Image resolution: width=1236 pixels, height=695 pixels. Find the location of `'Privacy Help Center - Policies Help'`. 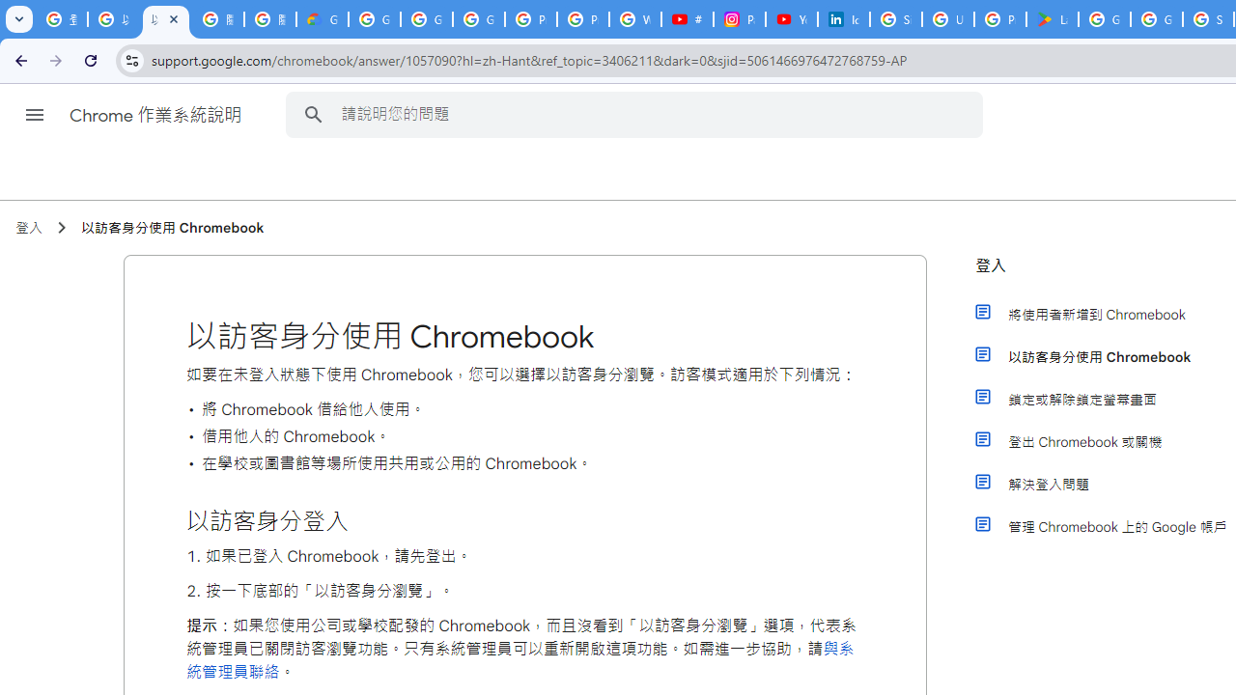

'Privacy Help Center - Policies Help' is located at coordinates (582, 19).